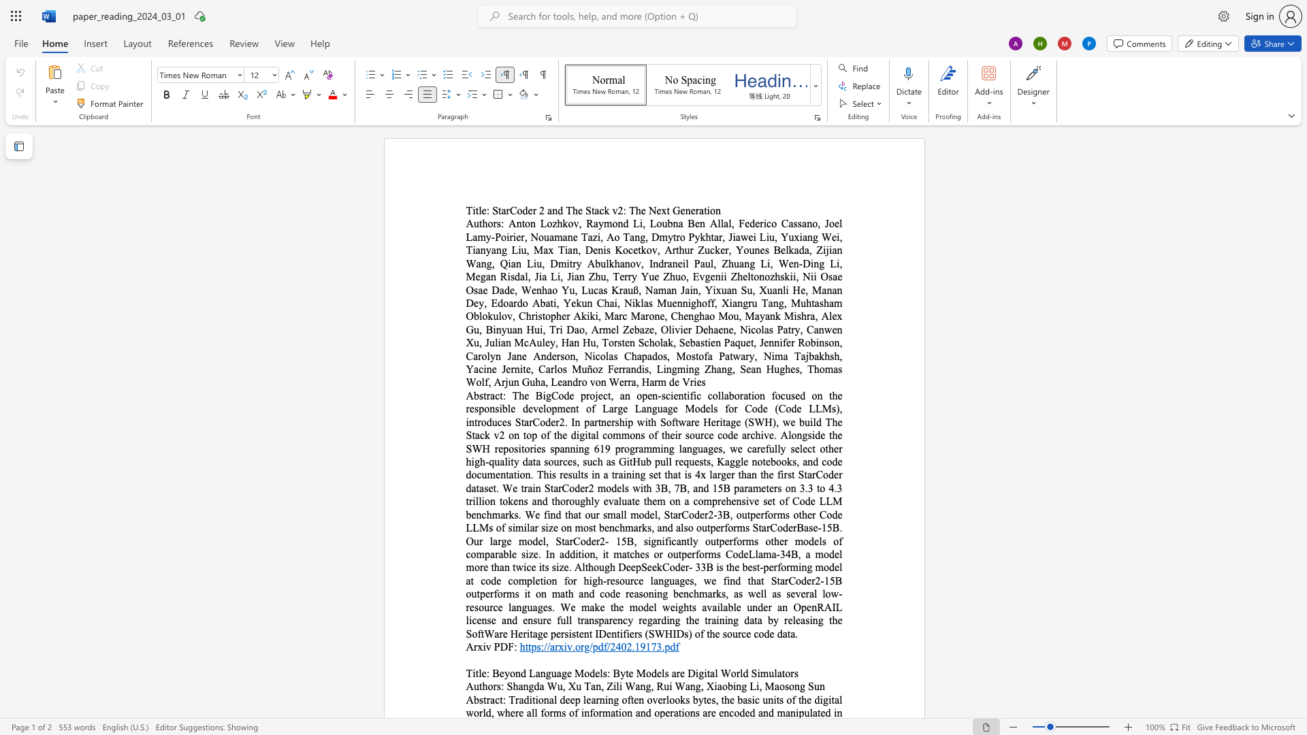 This screenshot has height=735, width=1307. Describe the element at coordinates (642, 686) in the screenshot. I see `the 1th character "n" in the text` at that location.